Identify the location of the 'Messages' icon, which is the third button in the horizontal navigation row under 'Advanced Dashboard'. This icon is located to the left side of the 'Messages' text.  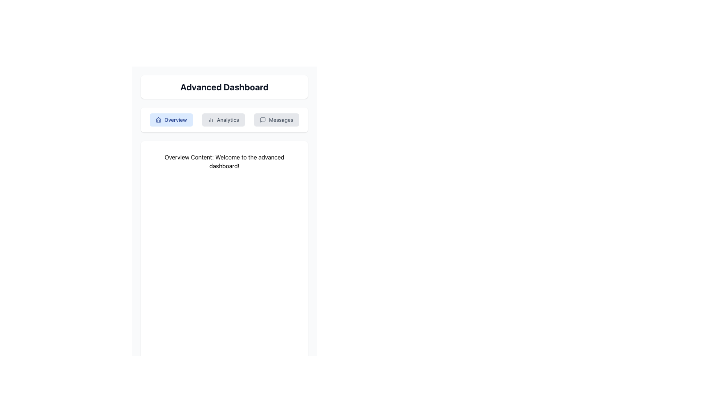
(263, 119).